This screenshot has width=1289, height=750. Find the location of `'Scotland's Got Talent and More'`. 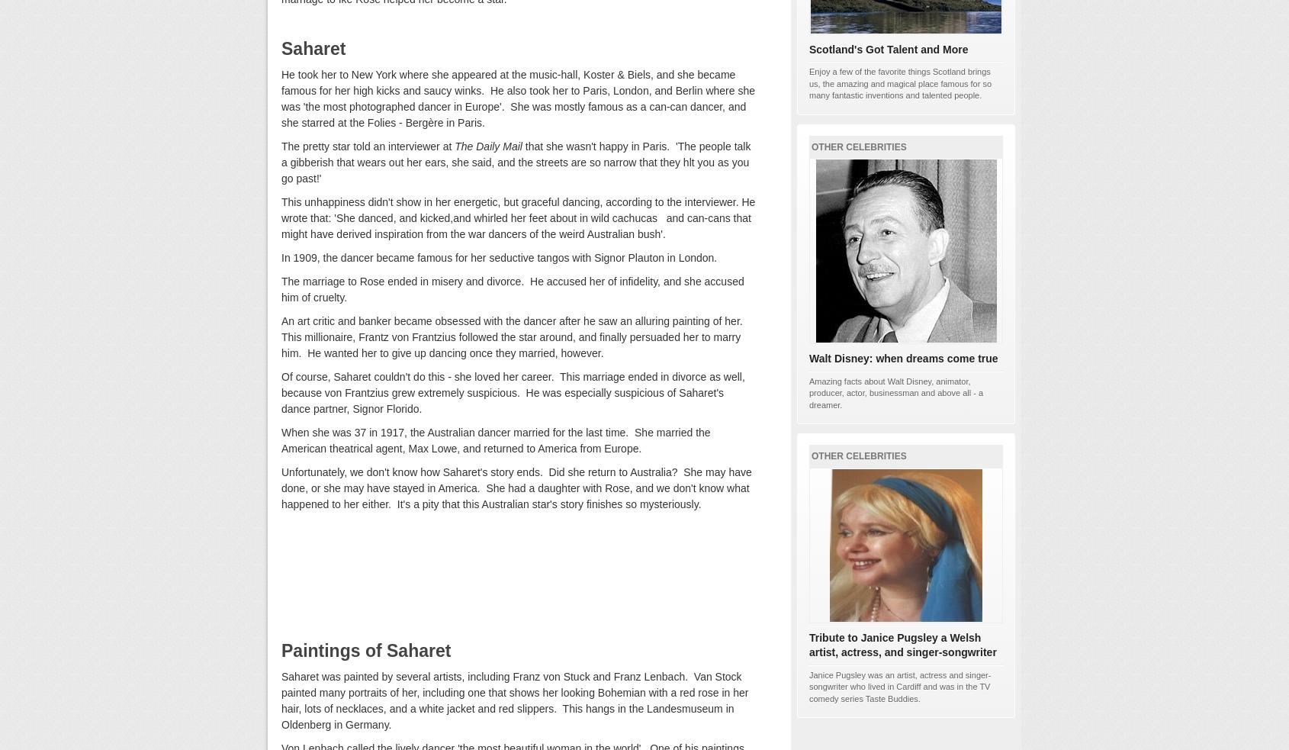

'Scotland's Got Talent and More' is located at coordinates (888, 47).